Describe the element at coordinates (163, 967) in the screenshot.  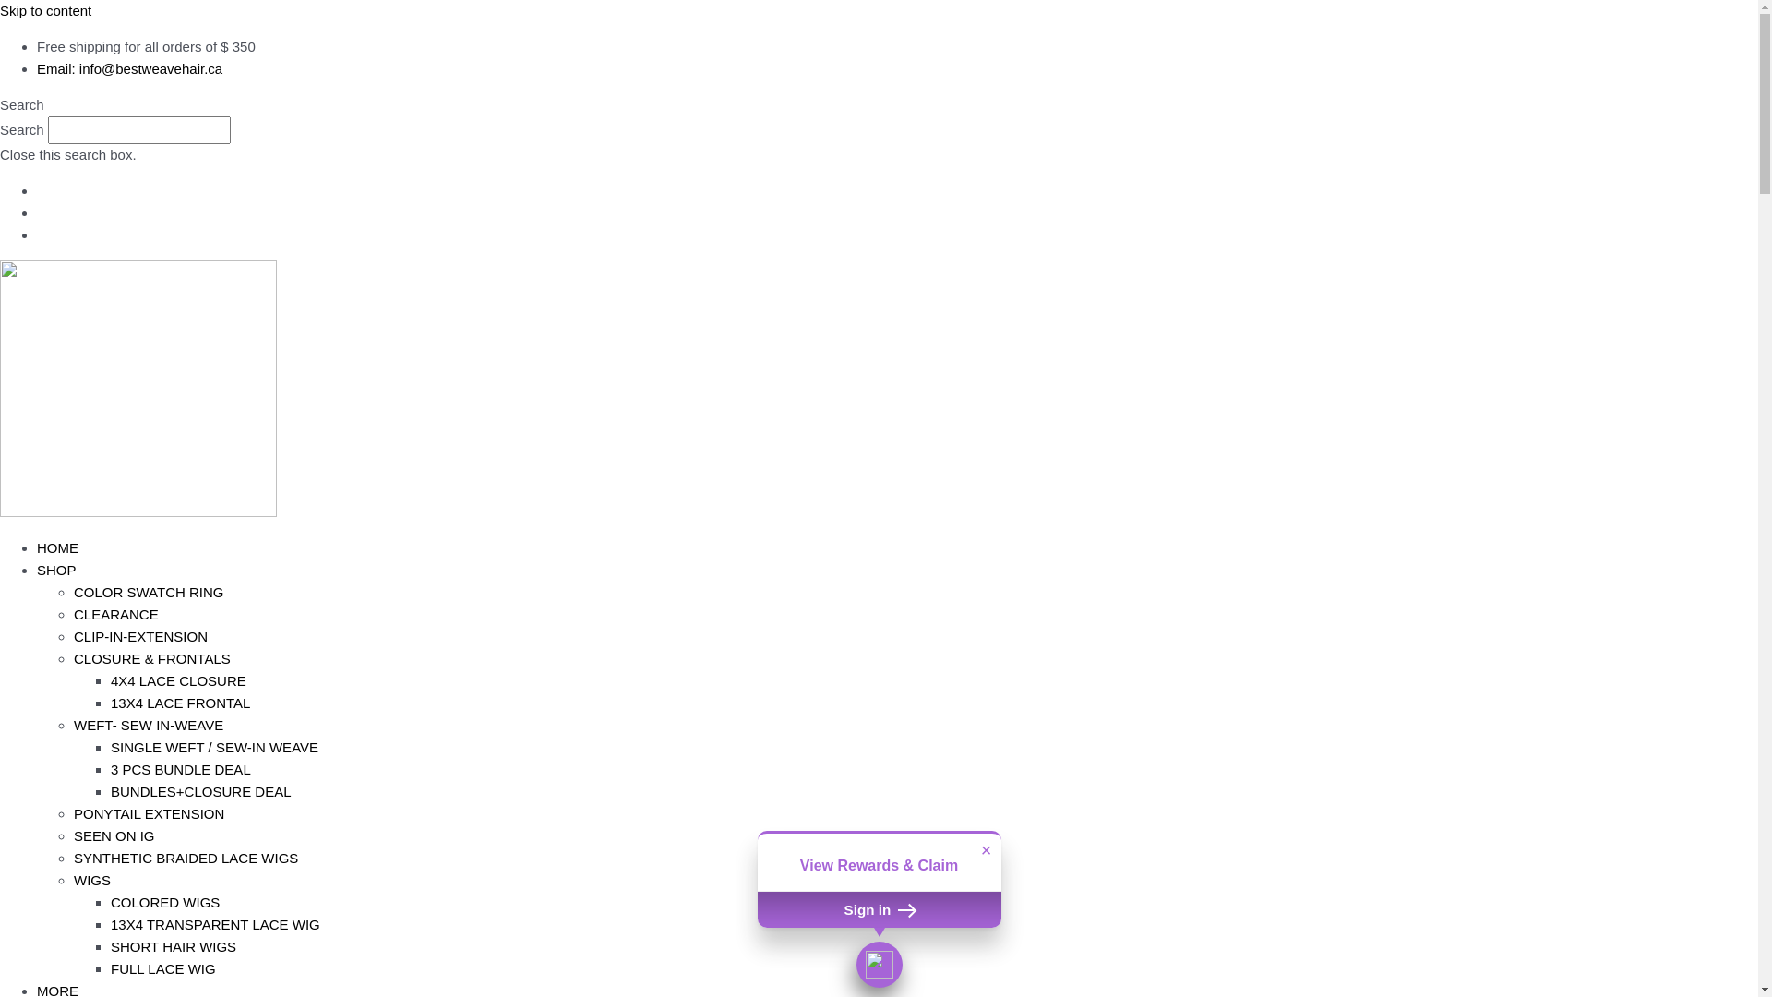
I see `'FULL LACE WIG'` at that location.